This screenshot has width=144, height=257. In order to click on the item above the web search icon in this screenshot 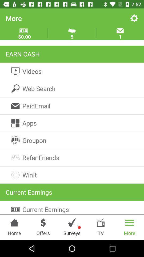, I will do `click(72, 71)`.